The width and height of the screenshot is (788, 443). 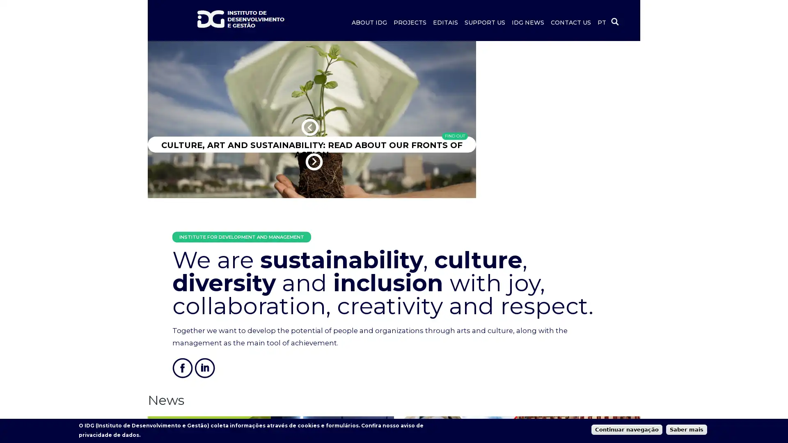 What do you see at coordinates (626, 429) in the screenshot?
I see `Continuar navegacao` at bounding box center [626, 429].